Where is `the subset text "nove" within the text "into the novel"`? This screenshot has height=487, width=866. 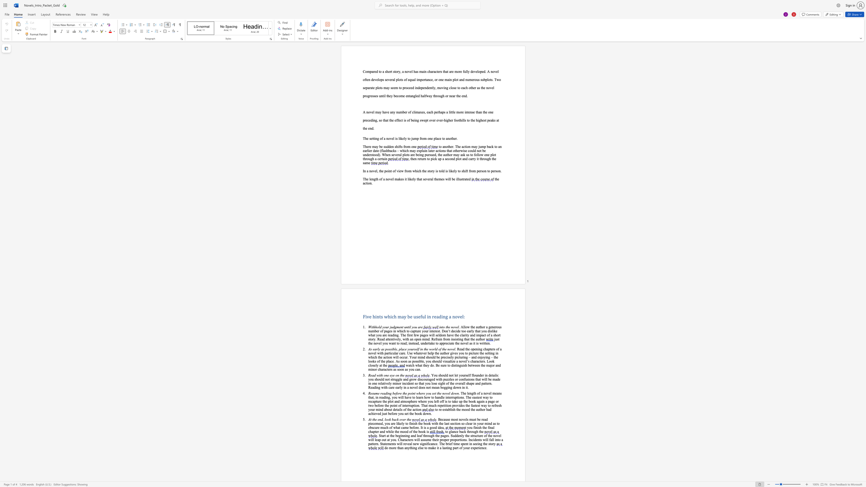 the subset text "nove" within the text "into the novel" is located at coordinates (451, 327).